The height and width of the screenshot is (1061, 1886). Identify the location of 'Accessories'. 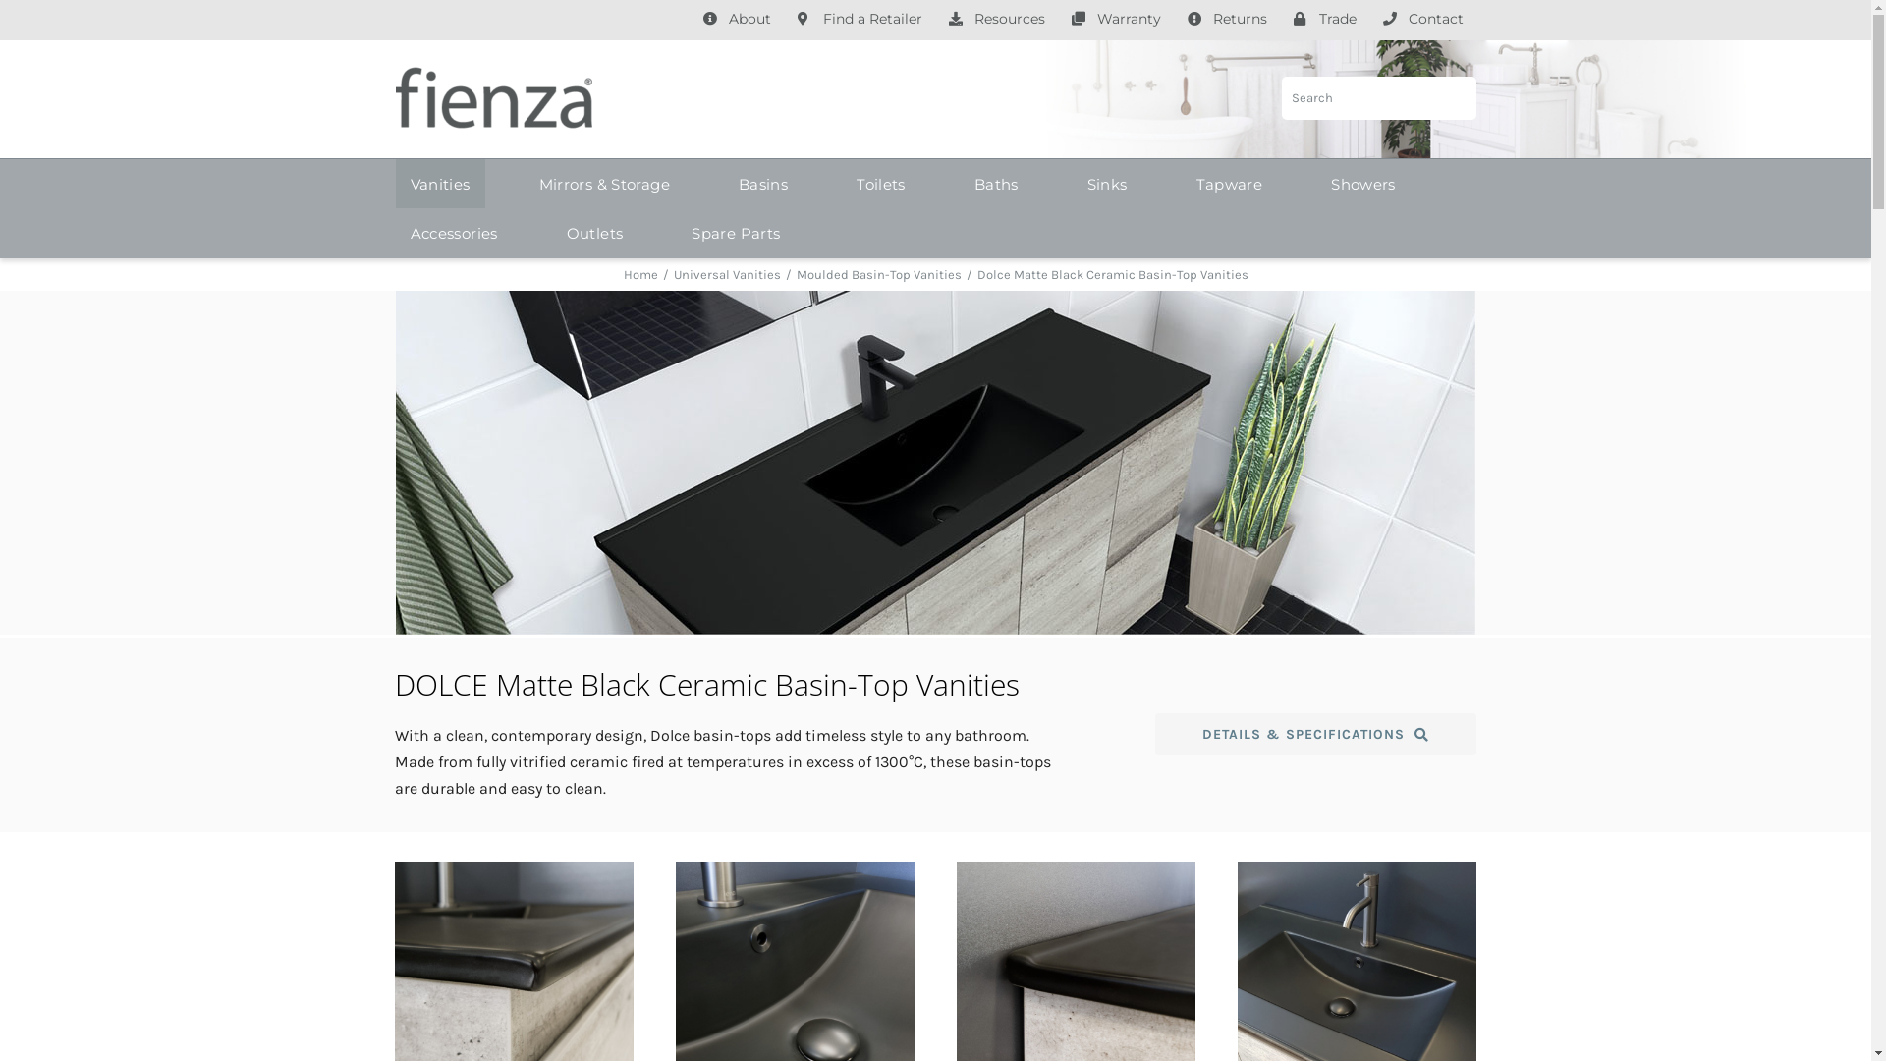
(452, 231).